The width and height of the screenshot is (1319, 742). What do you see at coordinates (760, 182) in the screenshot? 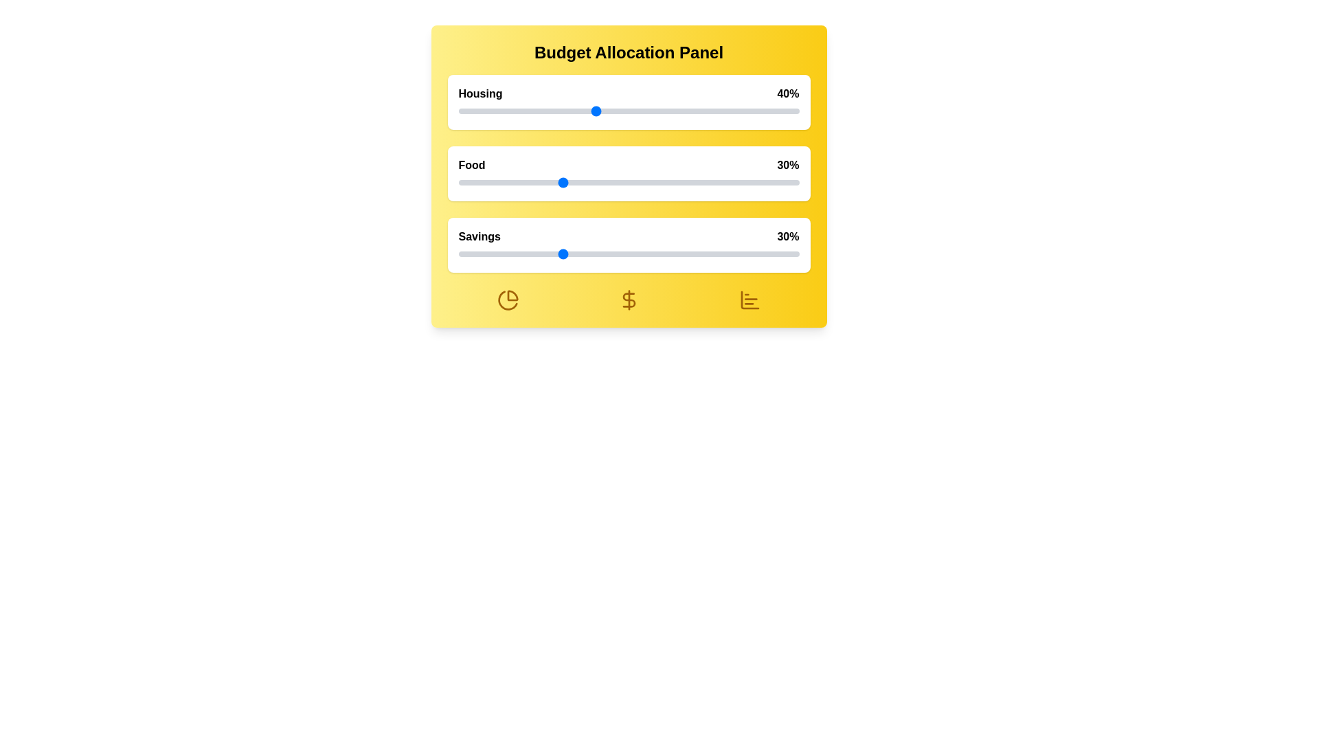
I see `the allocation percentage for 'Food'` at bounding box center [760, 182].